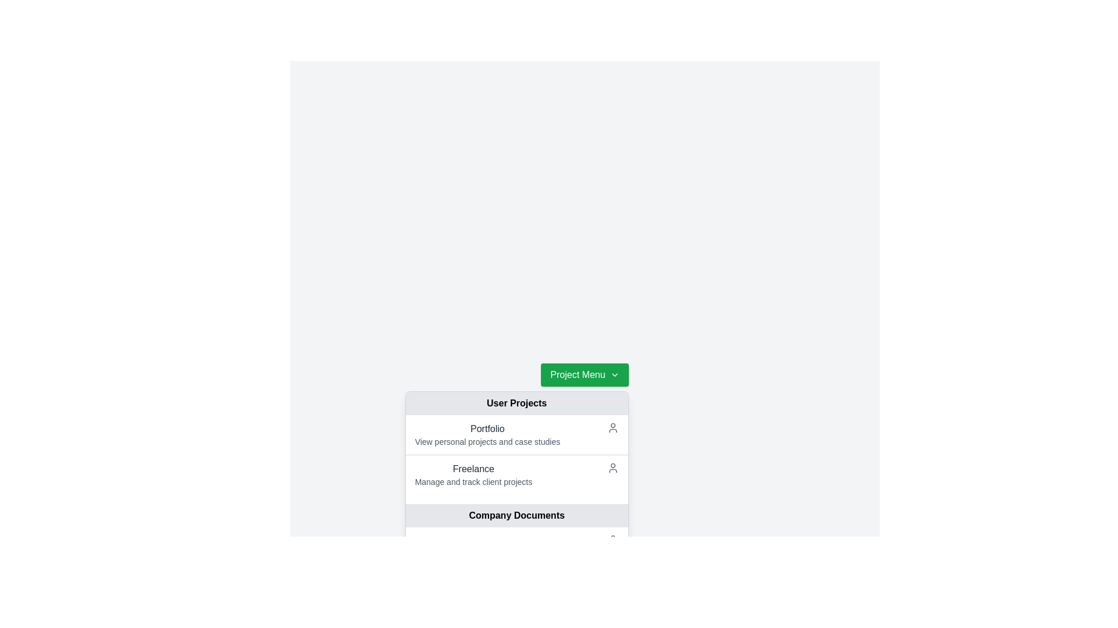  What do you see at coordinates (487, 441) in the screenshot?
I see `the static text element that reads 'View personal projects and case studies', which is styled in gray and positioned under the bold heading 'Portfolio' in the 'User Projects' section of the dropdown menu` at bounding box center [487, 441].